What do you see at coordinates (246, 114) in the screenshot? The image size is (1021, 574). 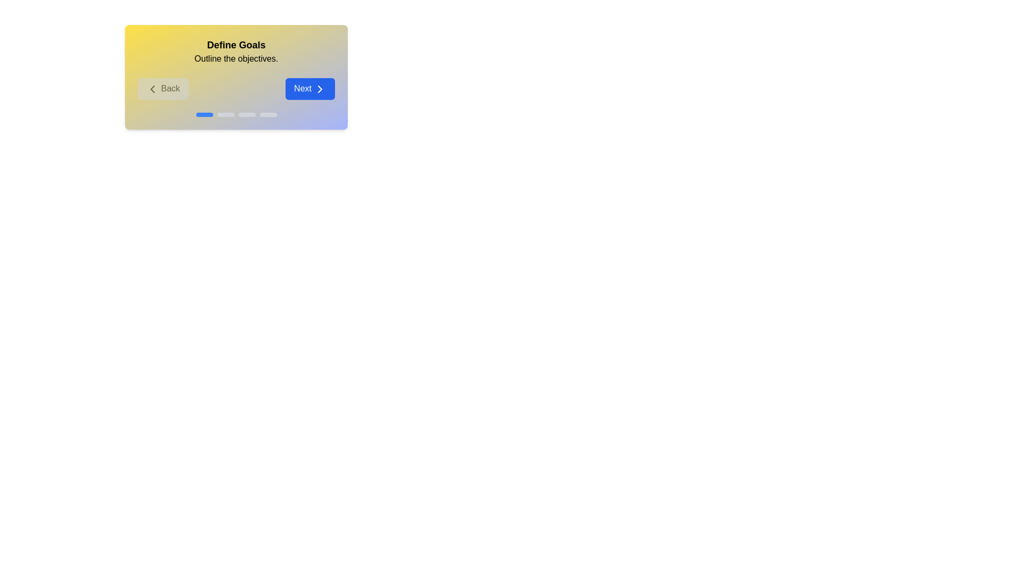 I see `the progress indicator corresponding to stage 3` at bounding box center [246, 114].